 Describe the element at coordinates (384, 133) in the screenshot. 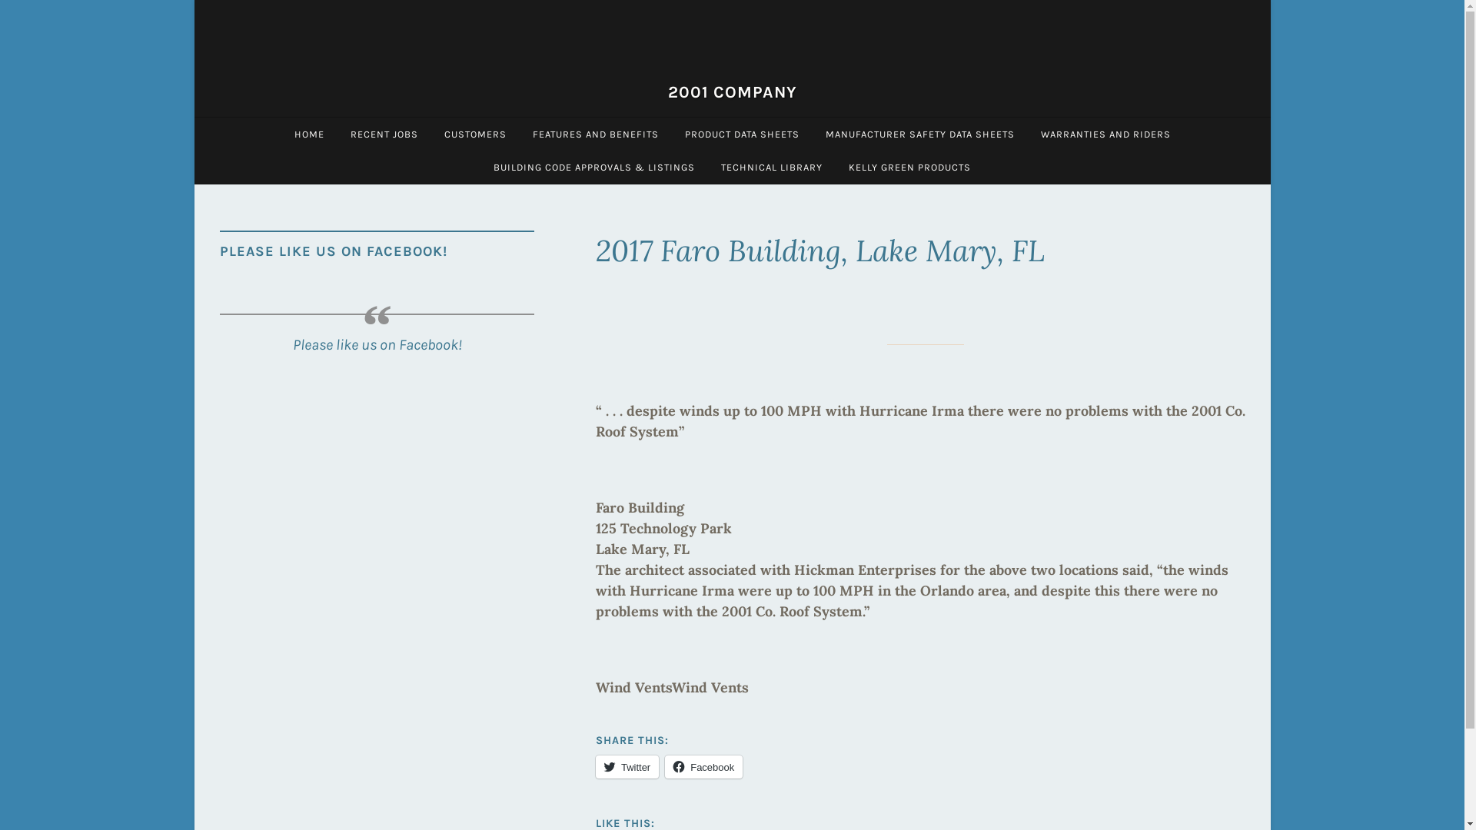

I see `'RECENT JOBS'` at that location.